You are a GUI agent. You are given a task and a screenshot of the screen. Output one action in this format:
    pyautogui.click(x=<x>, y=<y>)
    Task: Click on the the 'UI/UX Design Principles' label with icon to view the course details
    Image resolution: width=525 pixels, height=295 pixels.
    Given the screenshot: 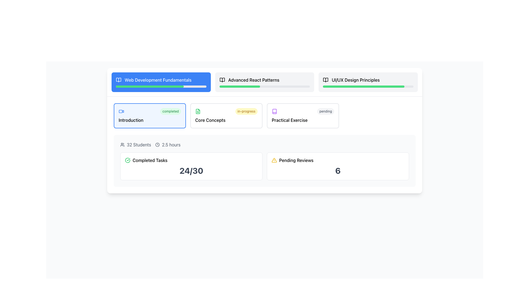 What is the action you would take?
    pyautogui.click(x=368, y=80)
    